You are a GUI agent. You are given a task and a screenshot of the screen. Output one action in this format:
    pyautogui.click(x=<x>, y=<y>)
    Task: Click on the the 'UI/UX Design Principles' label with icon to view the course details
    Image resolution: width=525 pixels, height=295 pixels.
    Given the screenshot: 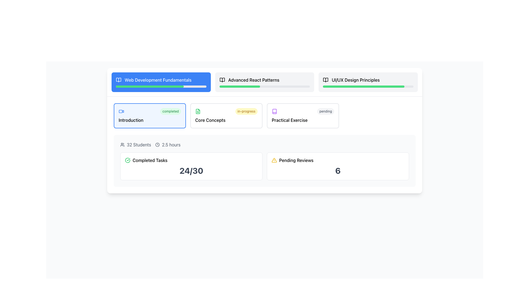 What is the action you would take?
    pyautogui.click(x=368, y=80)
    